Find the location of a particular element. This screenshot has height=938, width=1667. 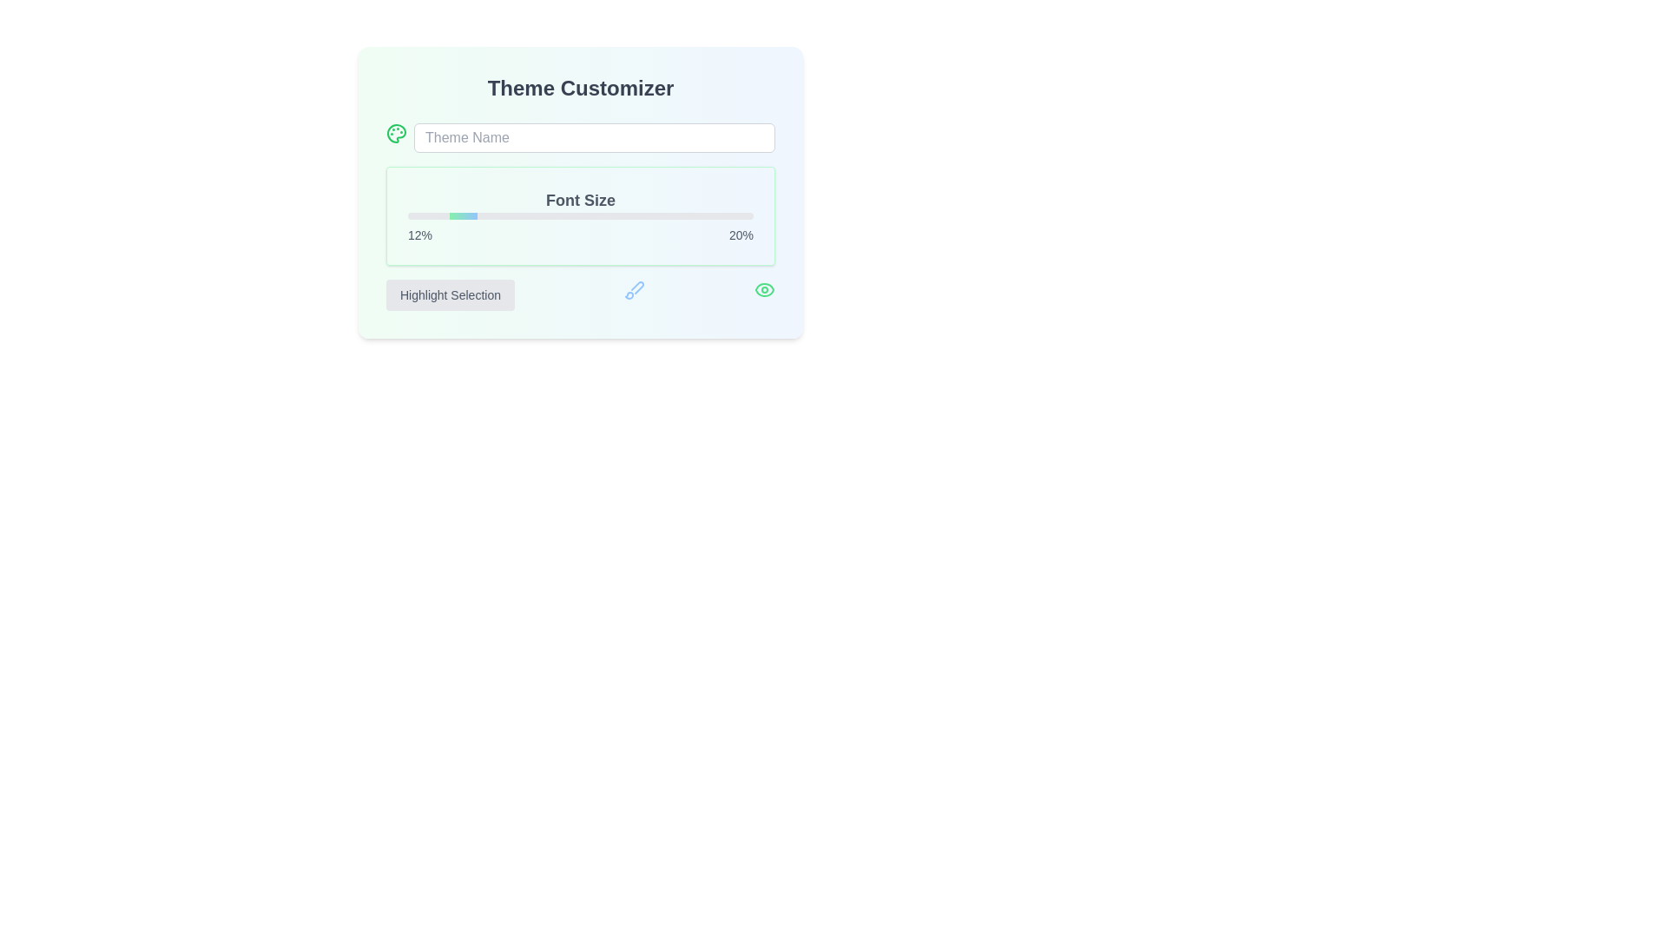

the slider is located at coordinates (631, 215).